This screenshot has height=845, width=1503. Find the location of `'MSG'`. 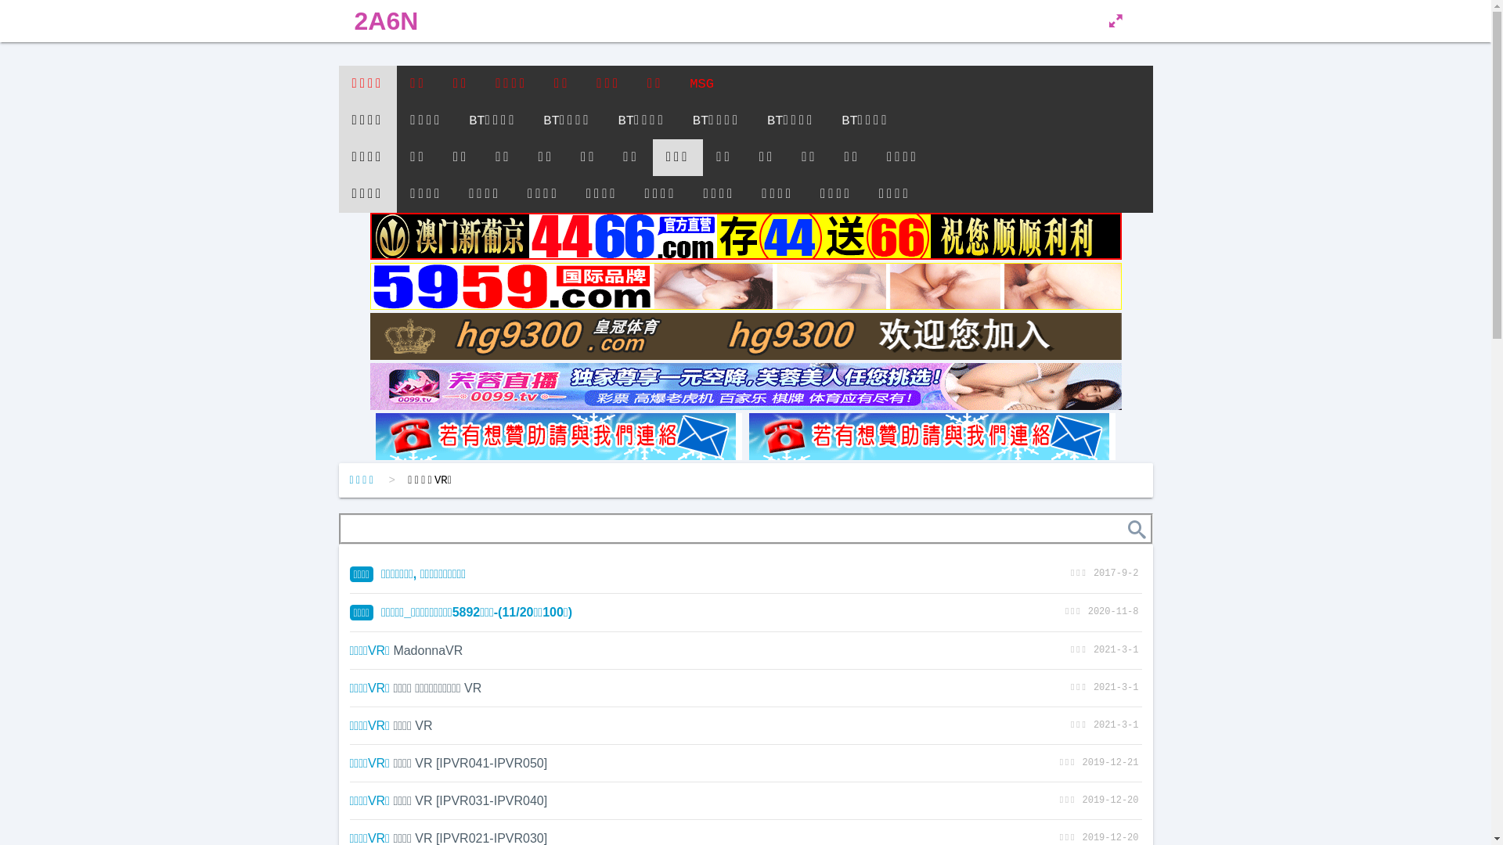

'MSG' is located at coordinates (701, 84).